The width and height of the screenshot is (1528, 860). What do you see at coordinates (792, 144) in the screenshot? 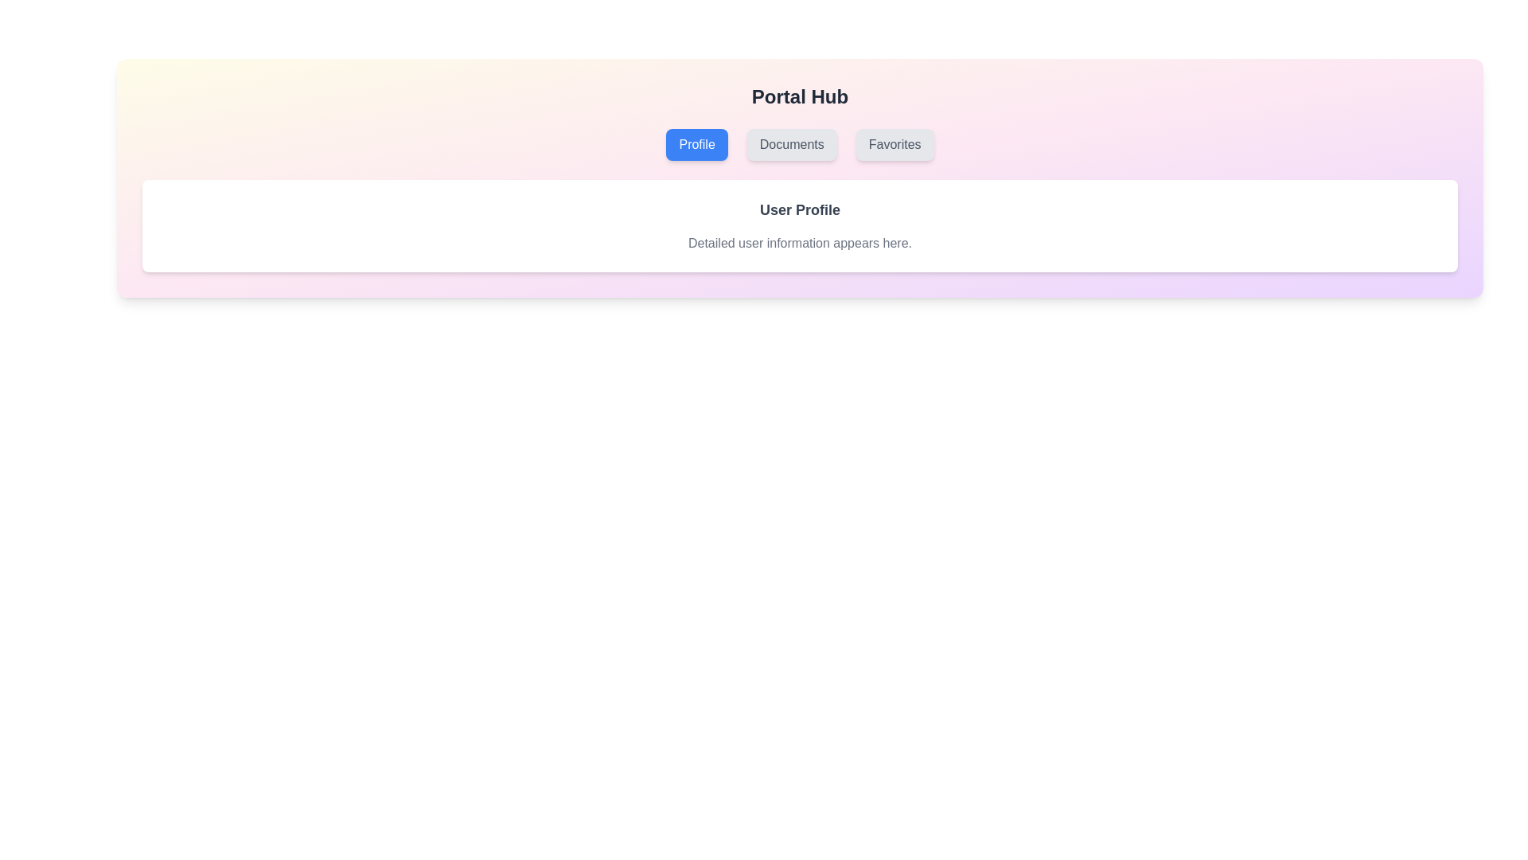
I see `the second button in the horizontal group of three buttons, located below the 'Portal Hub' heading` at bounding box center [792, 144].